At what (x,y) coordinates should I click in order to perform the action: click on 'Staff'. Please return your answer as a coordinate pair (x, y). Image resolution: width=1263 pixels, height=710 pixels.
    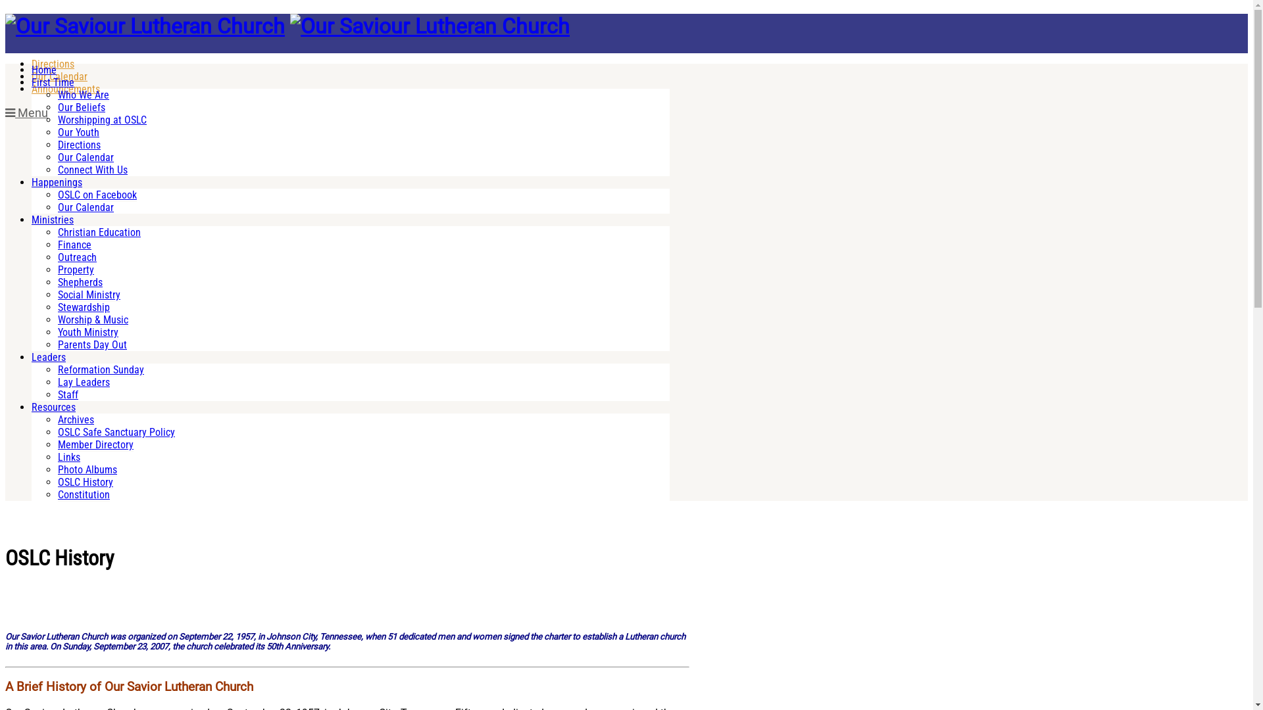
    Looking at the image, I should click on (67, 394).